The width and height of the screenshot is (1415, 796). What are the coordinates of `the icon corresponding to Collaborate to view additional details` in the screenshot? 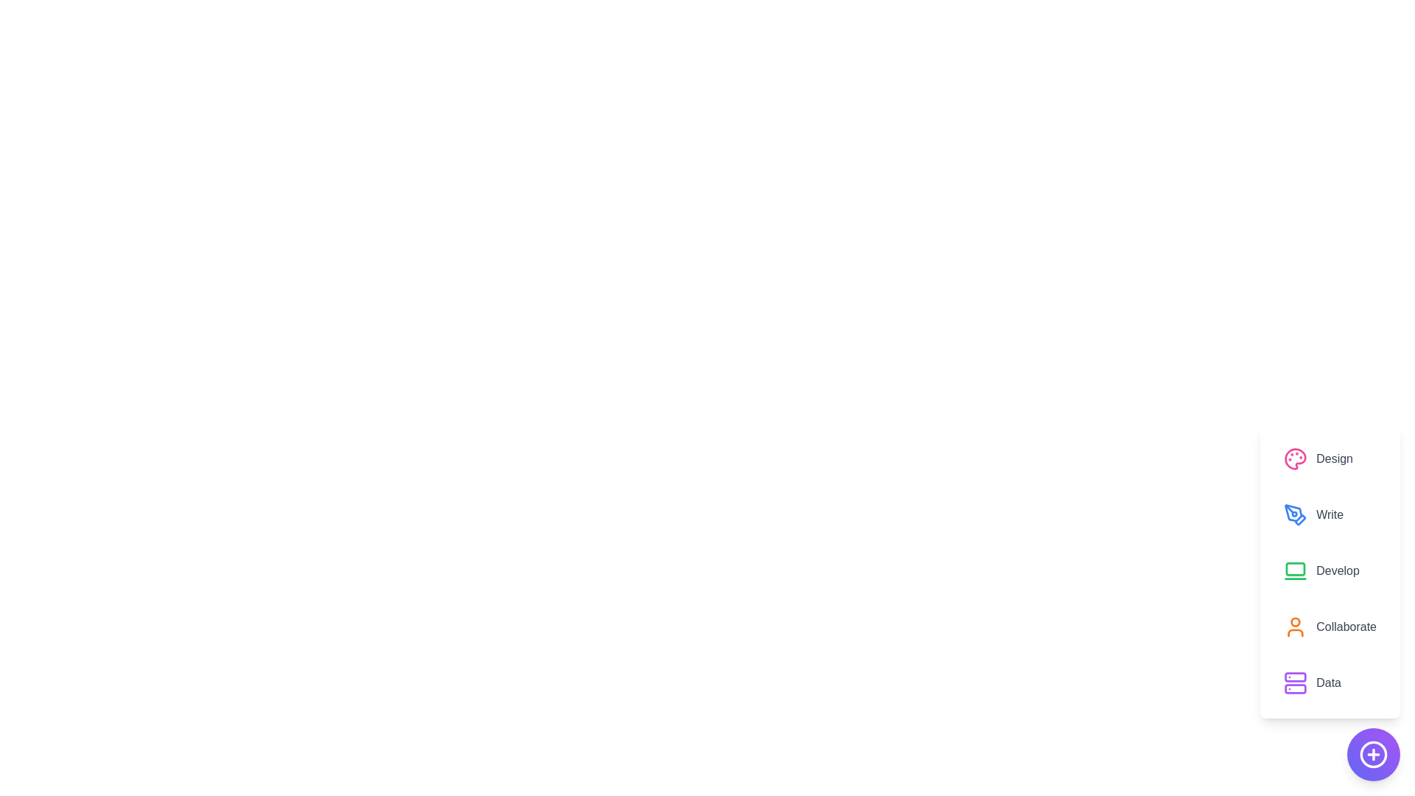 It's located at (1294, 627).